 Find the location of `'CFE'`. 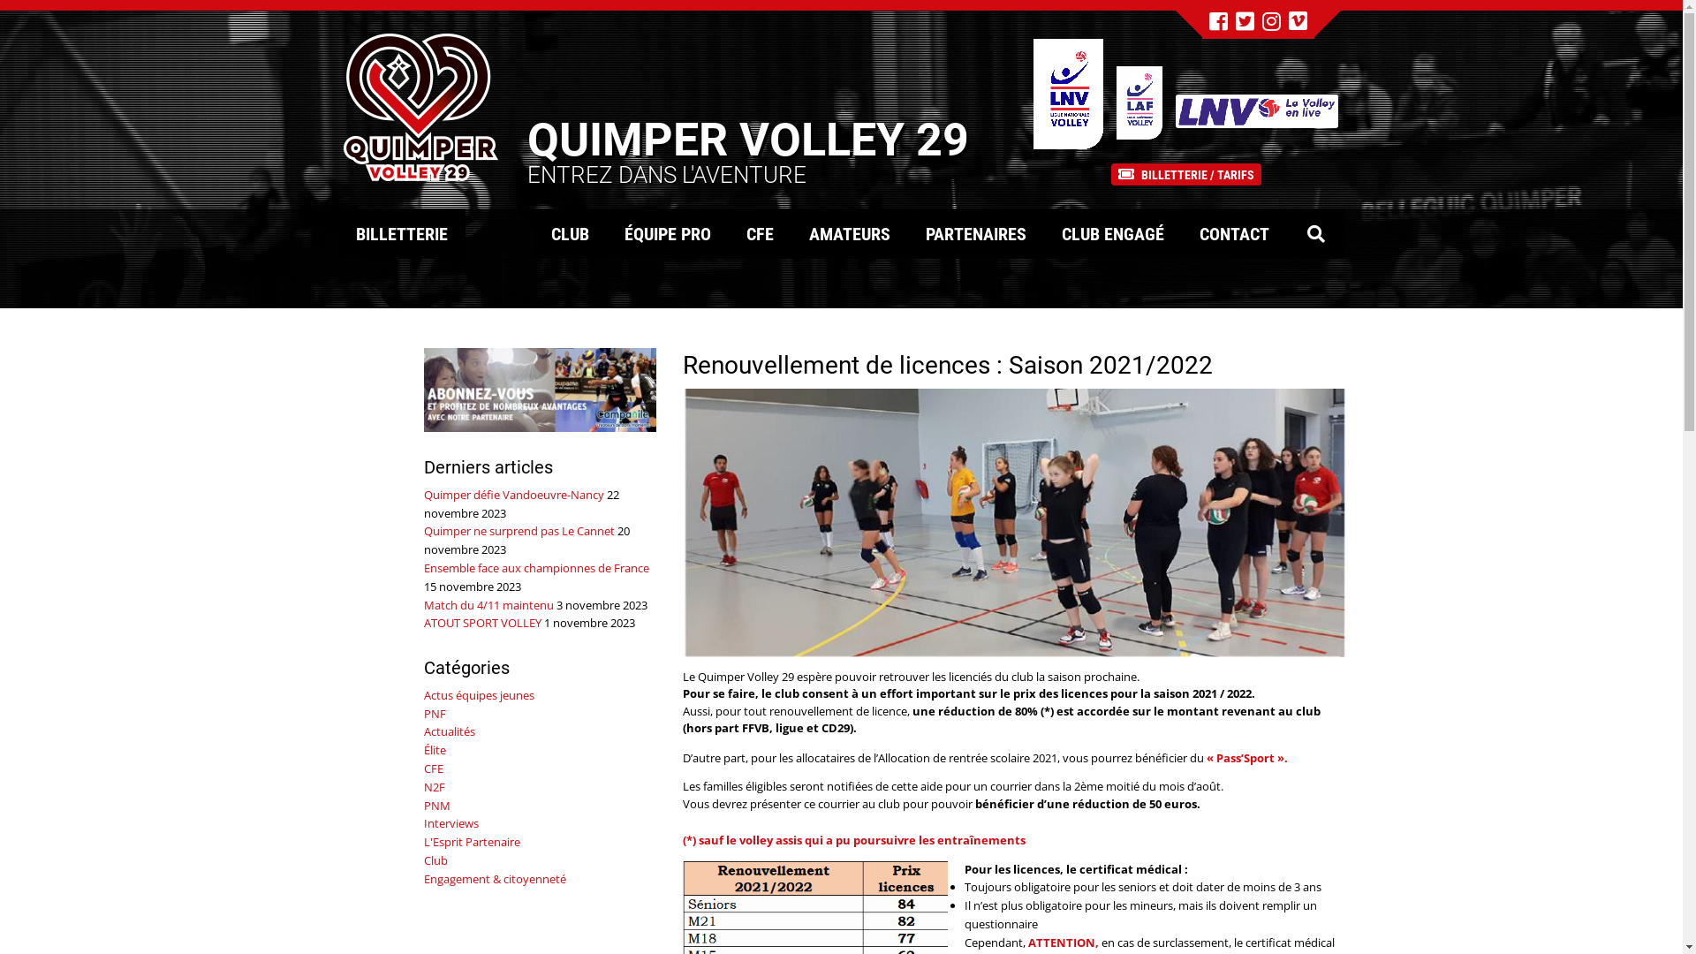

'CFE' is located at coordinates (433, 768).